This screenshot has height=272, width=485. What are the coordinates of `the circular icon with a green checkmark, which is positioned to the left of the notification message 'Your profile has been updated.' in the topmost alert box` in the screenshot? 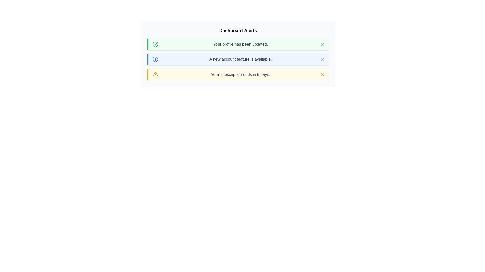 It's located at (155, 44).